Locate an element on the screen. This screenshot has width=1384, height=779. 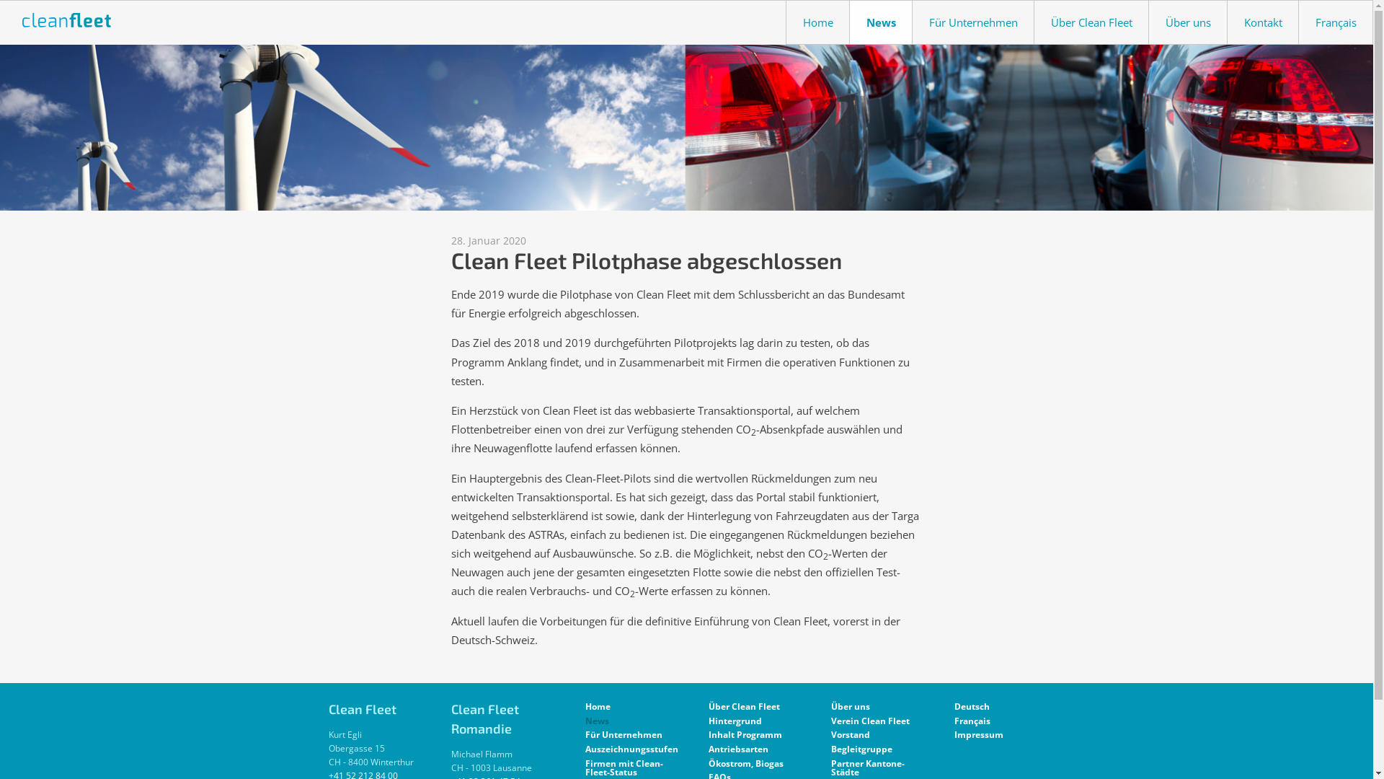
'Deutsch' is located at coordinates (944, 705).